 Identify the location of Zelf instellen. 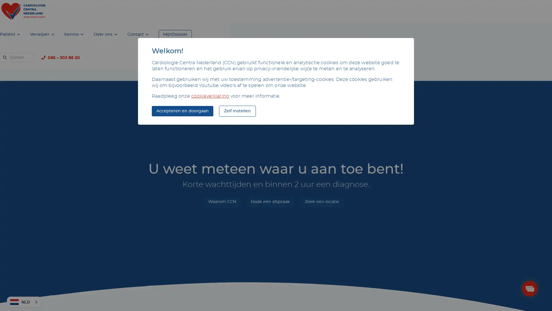
(237, 111).